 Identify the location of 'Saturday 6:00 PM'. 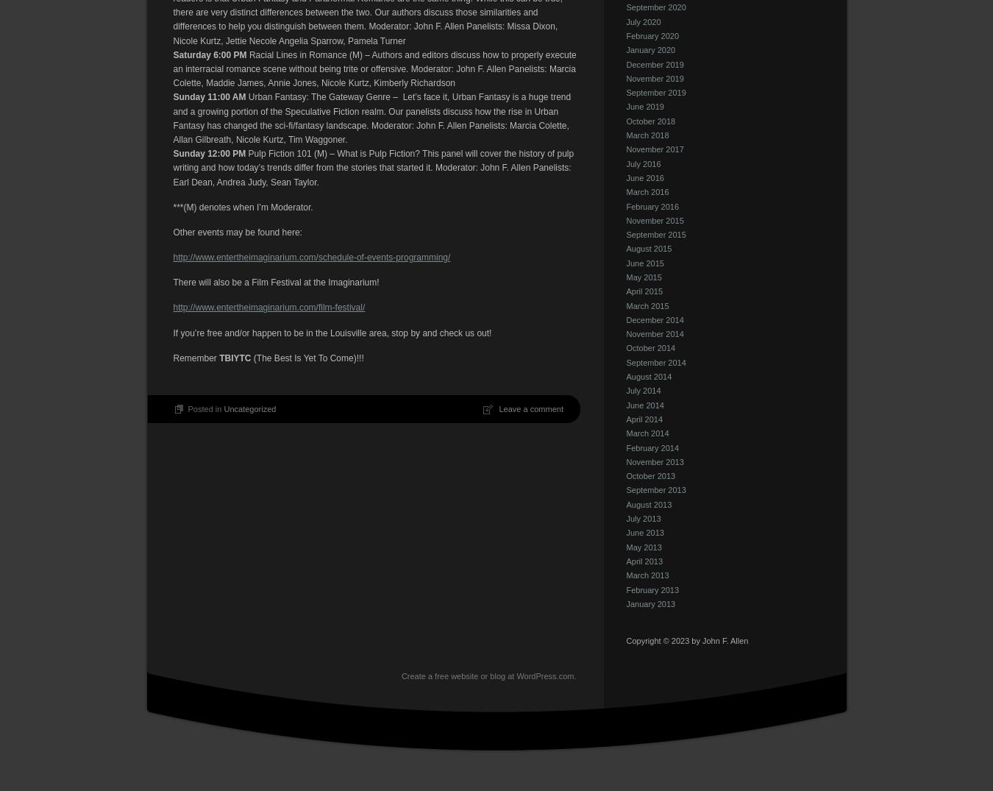
(208, 54).